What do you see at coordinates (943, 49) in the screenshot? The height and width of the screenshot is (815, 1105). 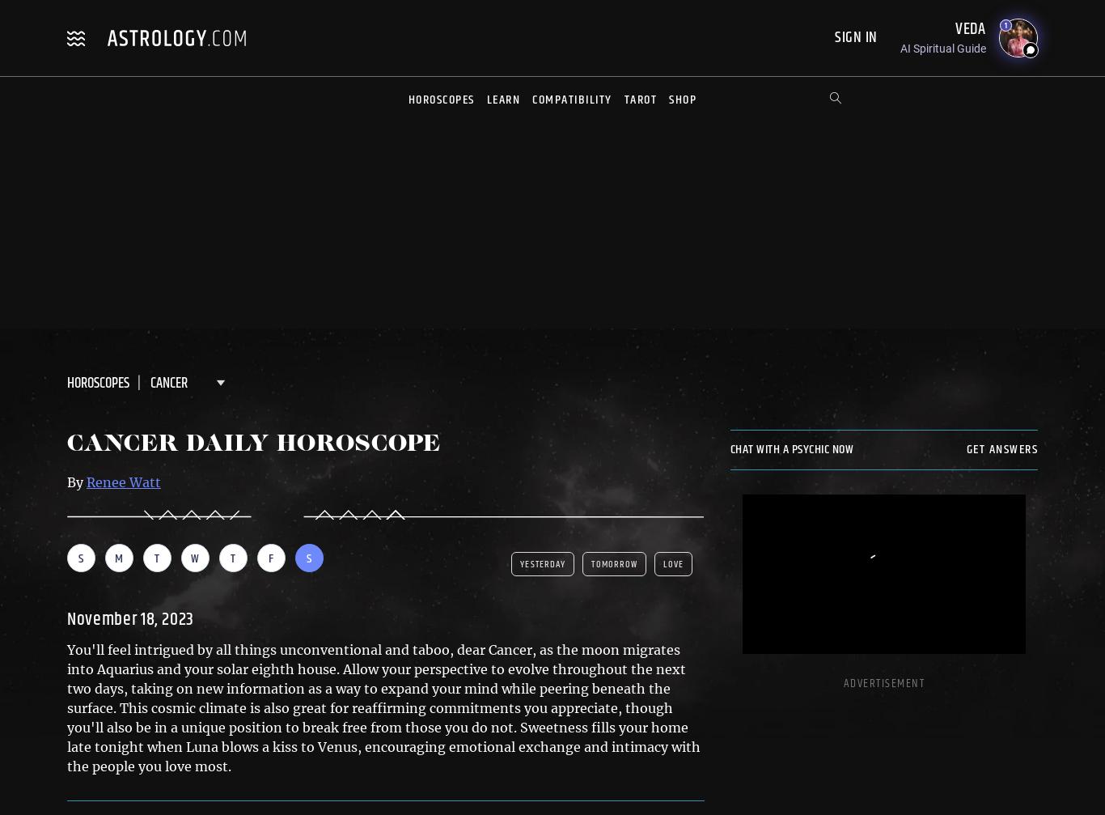 I see `'AI Spiritual Guide'` at bounding box center [943, 49].